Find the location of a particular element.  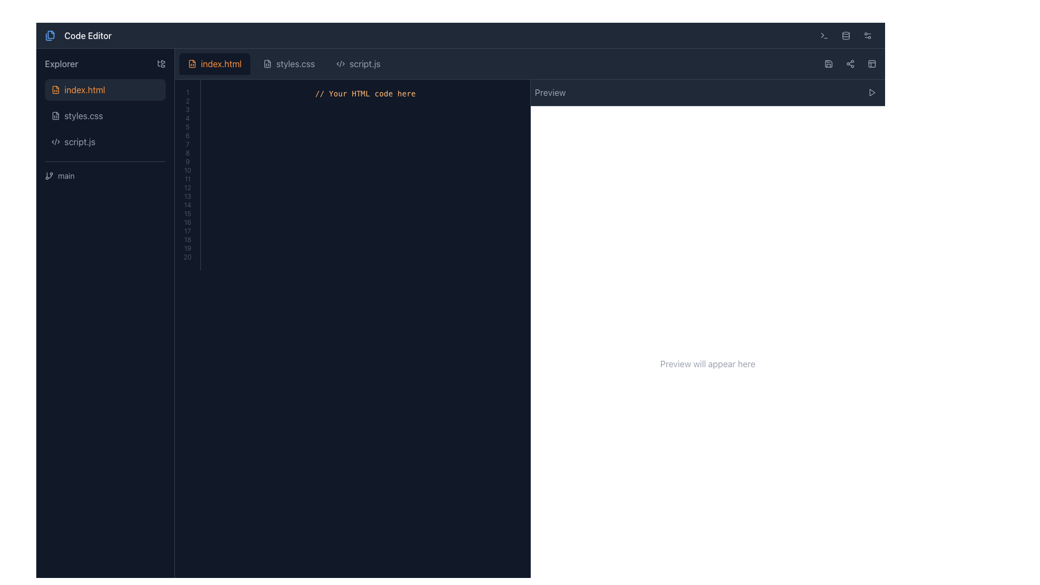

the 'styles.css' file button located in the 'Explorer' section, which is the second item in the vertical file list is located at coordinates (105, 115).